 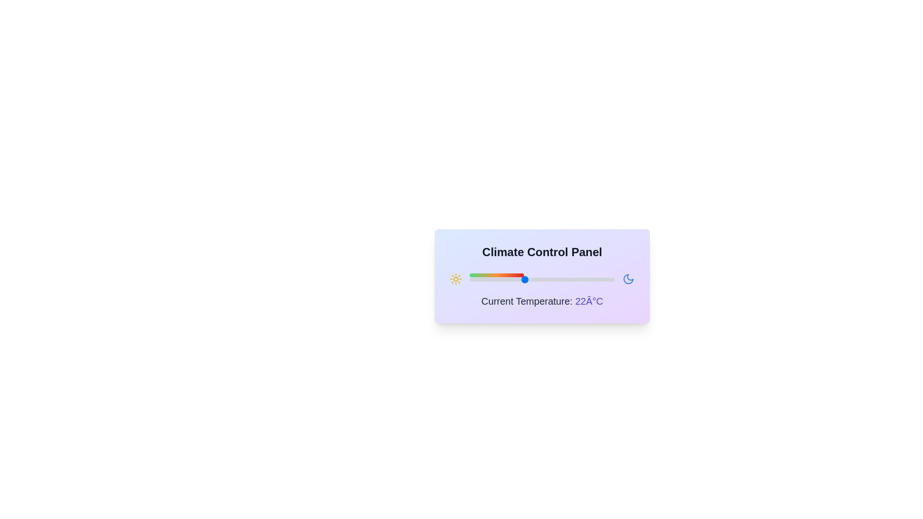 I want to click on the temperature, so click(x=605, y=280).